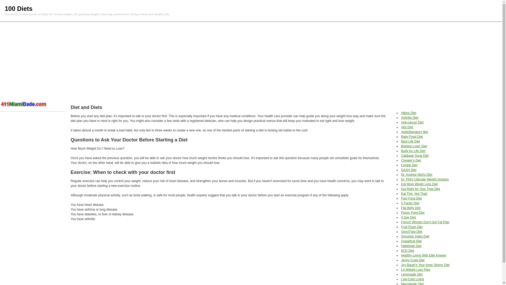  Describe the element at coordinates (411, 241) in the screenshot. I see `'Grapefruit Diet'` at that location.